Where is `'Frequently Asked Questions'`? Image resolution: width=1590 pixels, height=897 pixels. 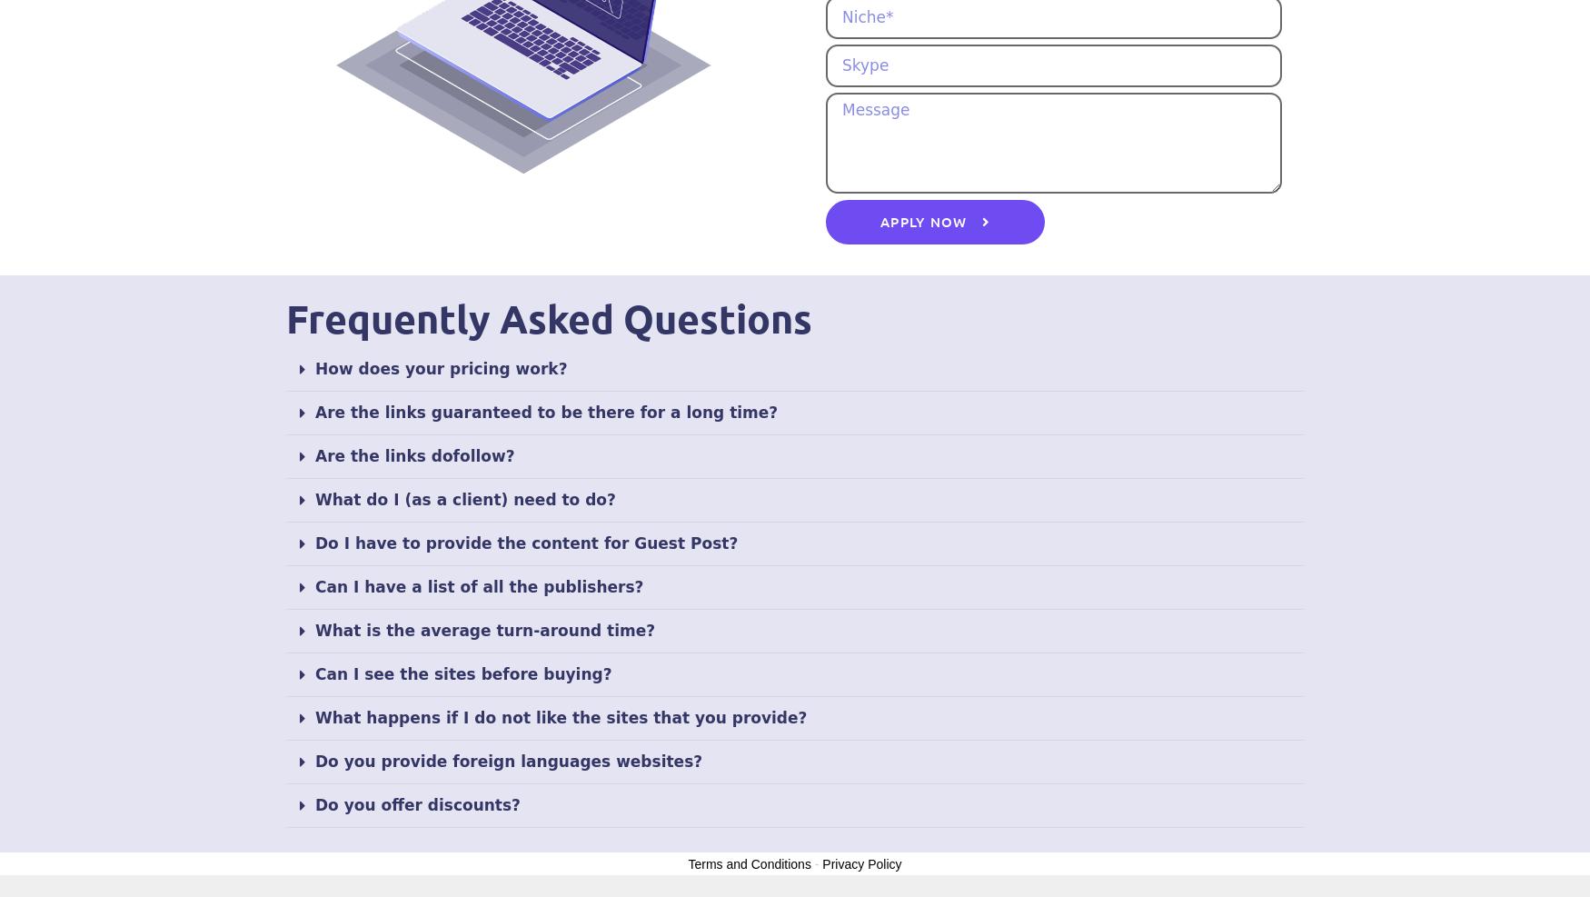
'Frequently Asked Questions' is located at coordinates (549, 317).